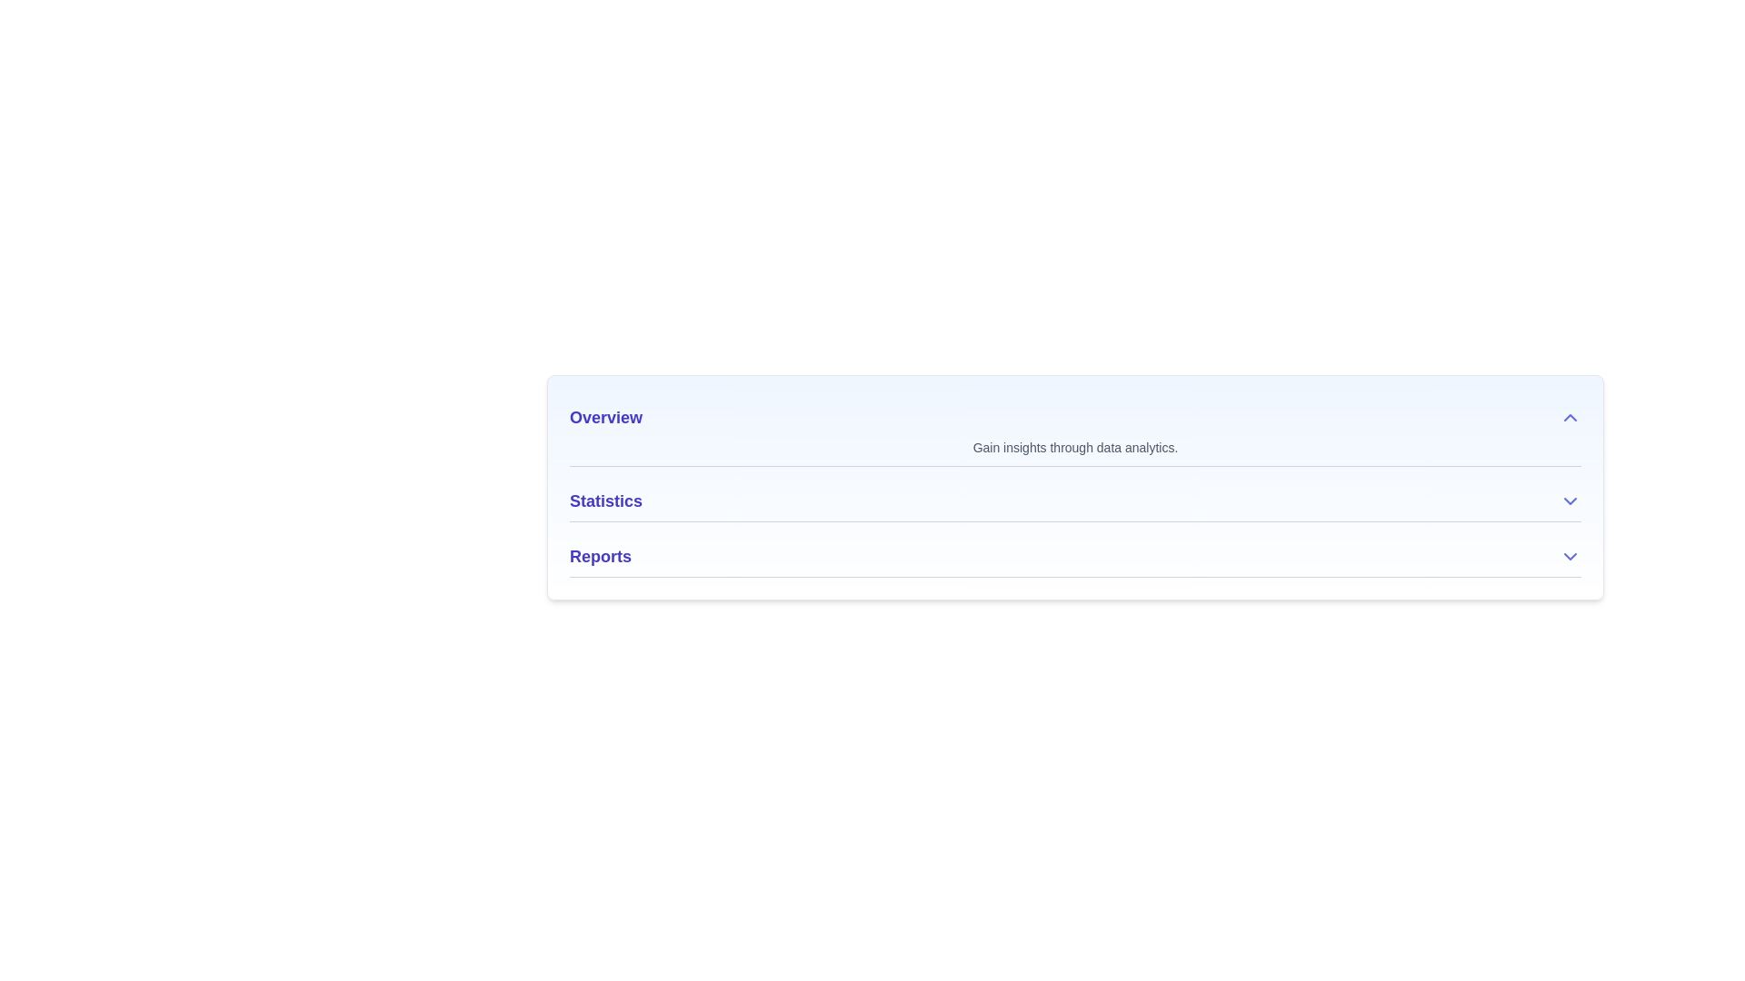  Describe the element at coordinates (1570, 500) in the screenshot. I see `the small indigo downward-pointing chevron icon located at the far right end of the 'Statistics' row` at that location.